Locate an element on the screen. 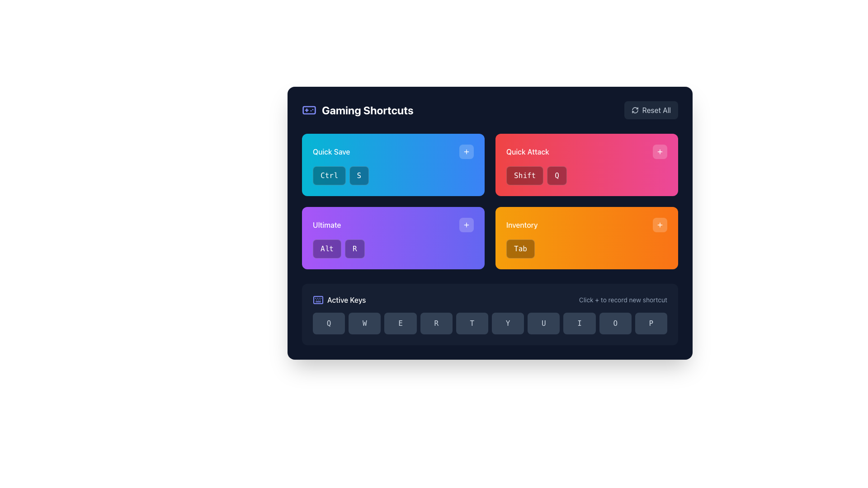 This screenshot has height=488, width=868. the ninth button labeled 'O' with a dark slate-gray background to interact is located at coordinates (615, 323).